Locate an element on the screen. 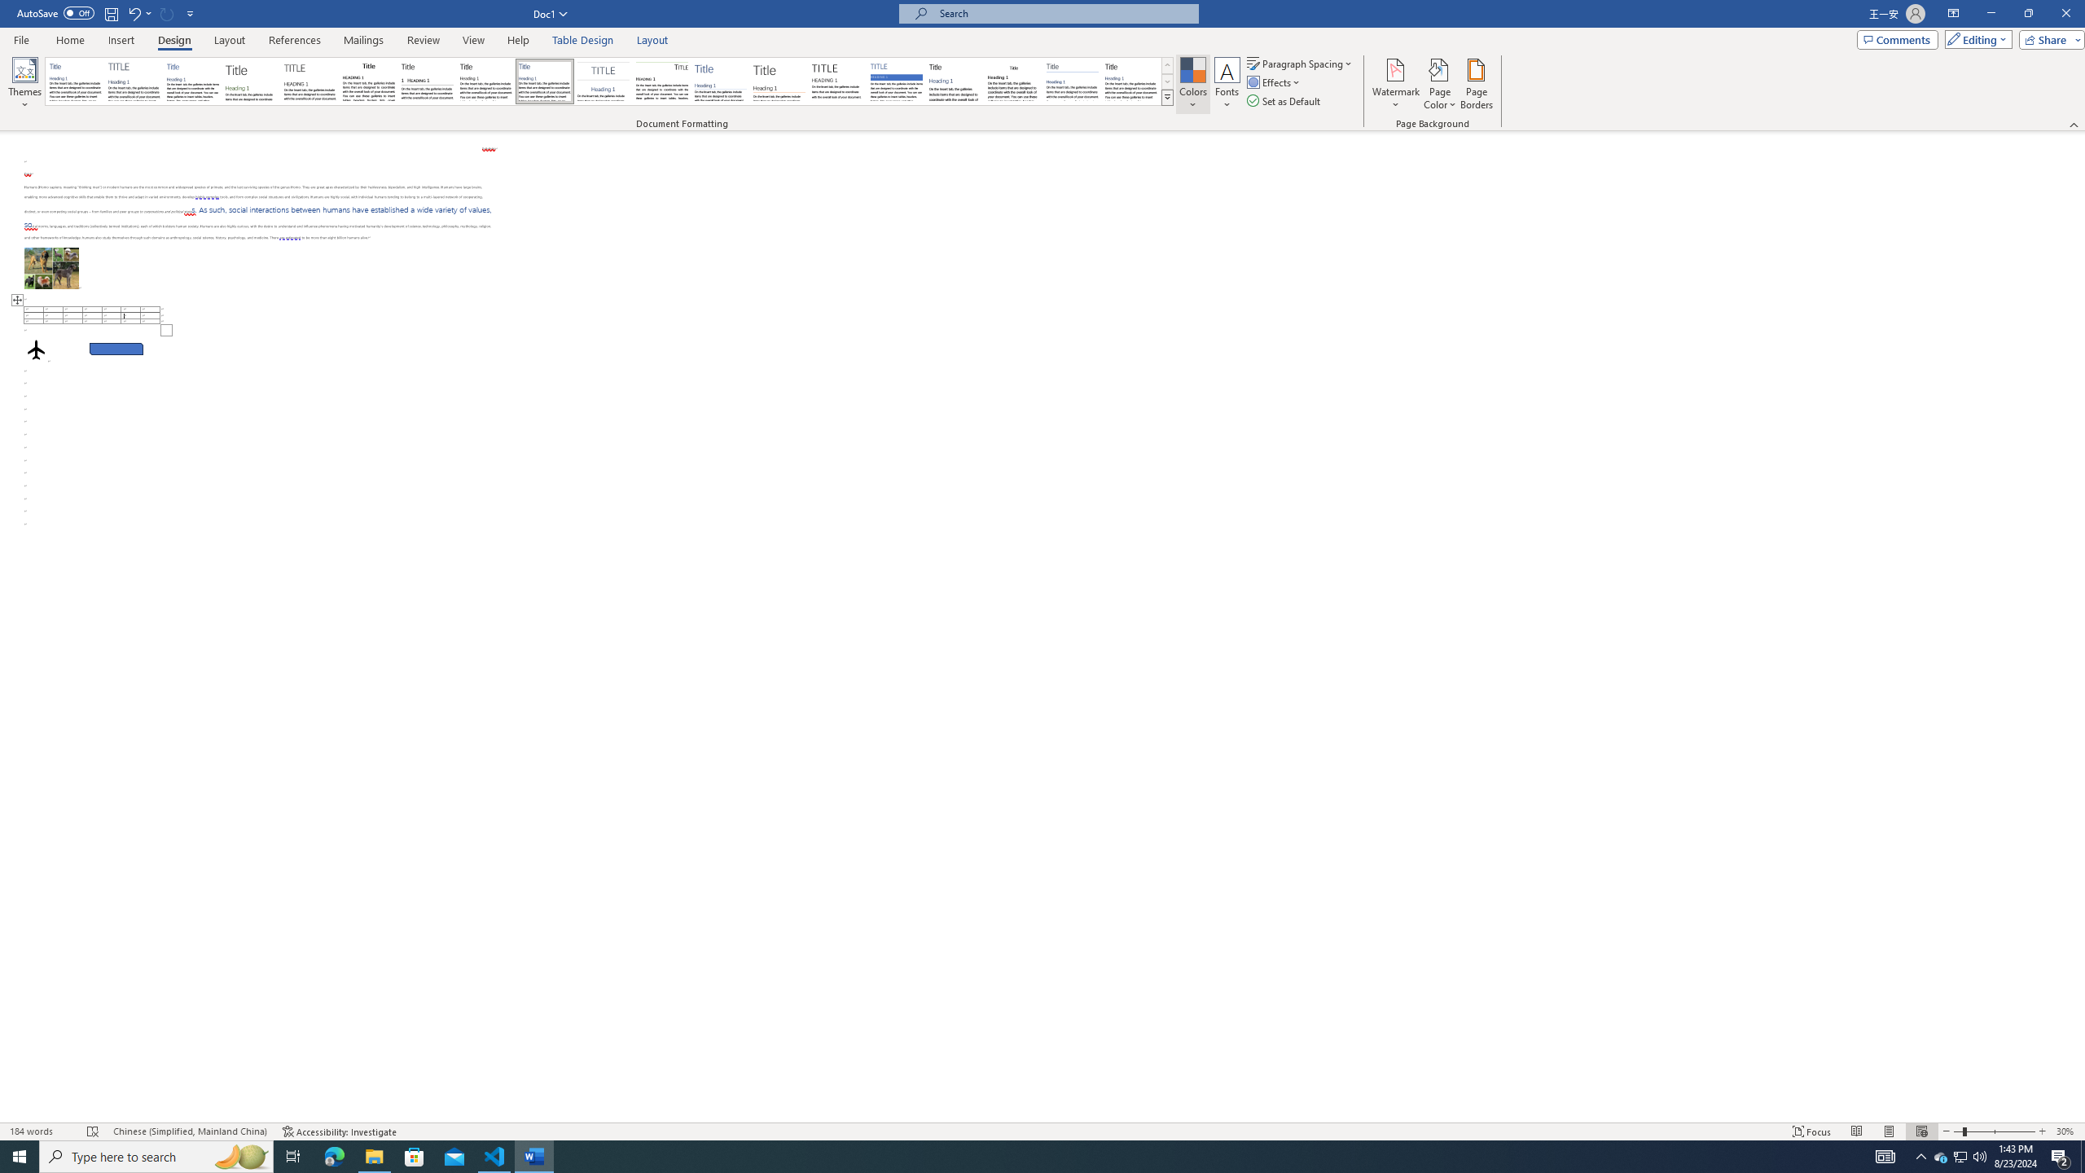  'Airplane with solid fill' is located at coordinates (36, 349).